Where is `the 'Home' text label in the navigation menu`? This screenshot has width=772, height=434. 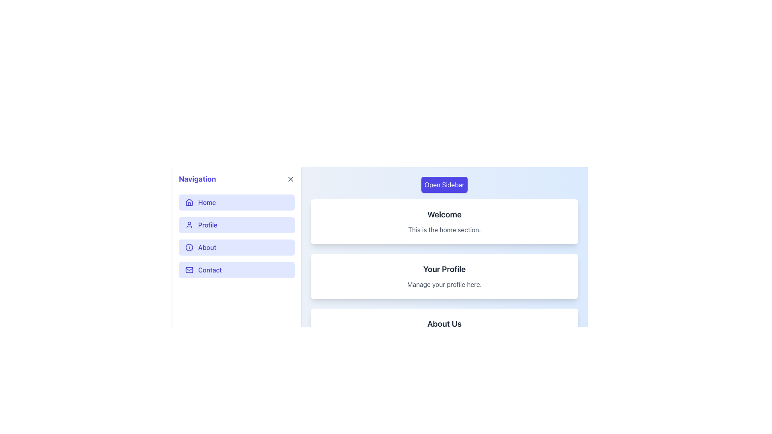 the 'Home' text label in the navigation menu is located at coordinates (207, 202).